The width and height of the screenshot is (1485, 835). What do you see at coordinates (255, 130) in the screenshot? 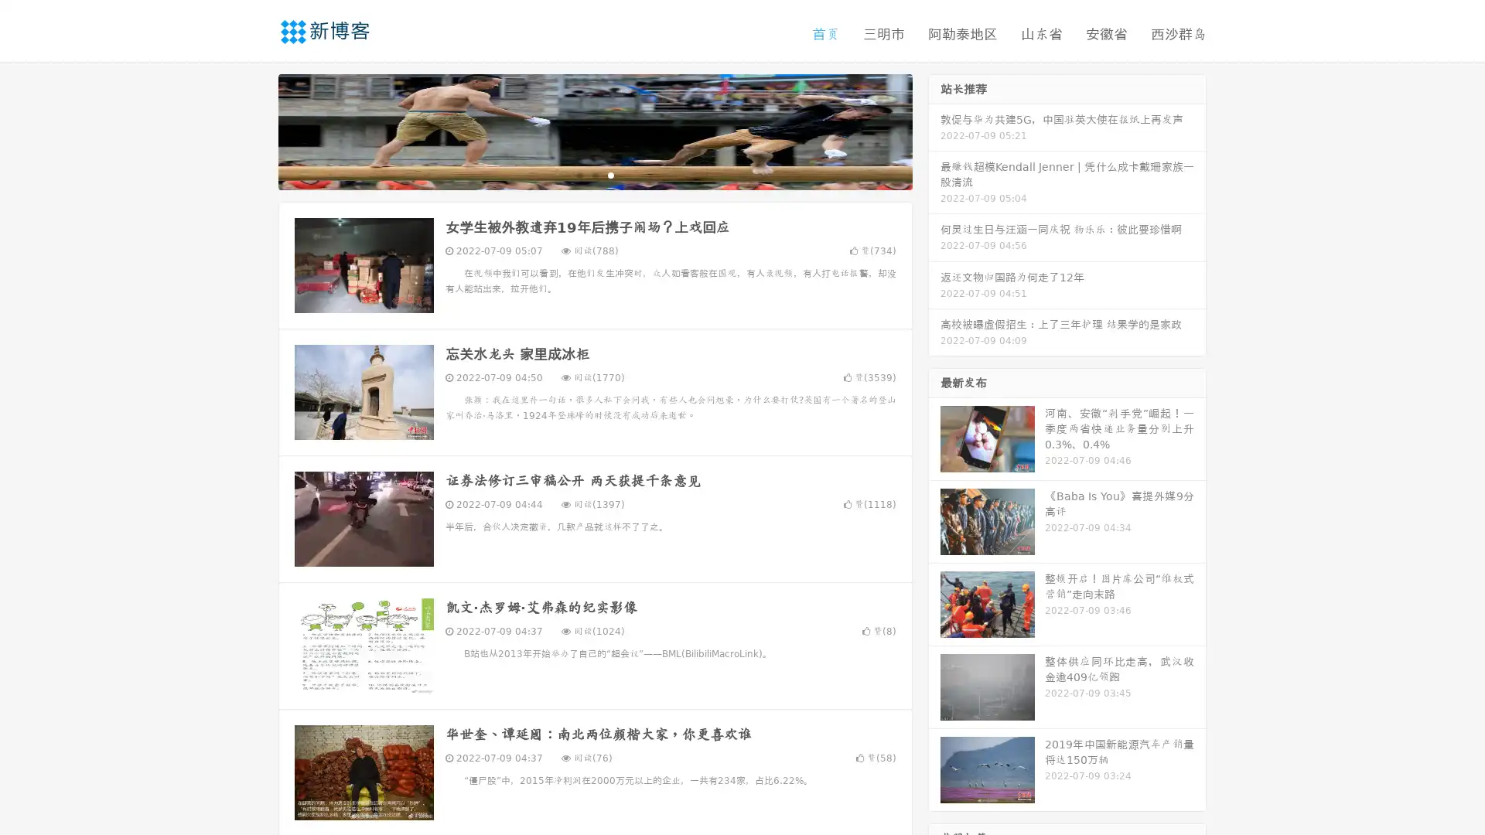
I see `Previous slide` at bounding box center [255, 130].